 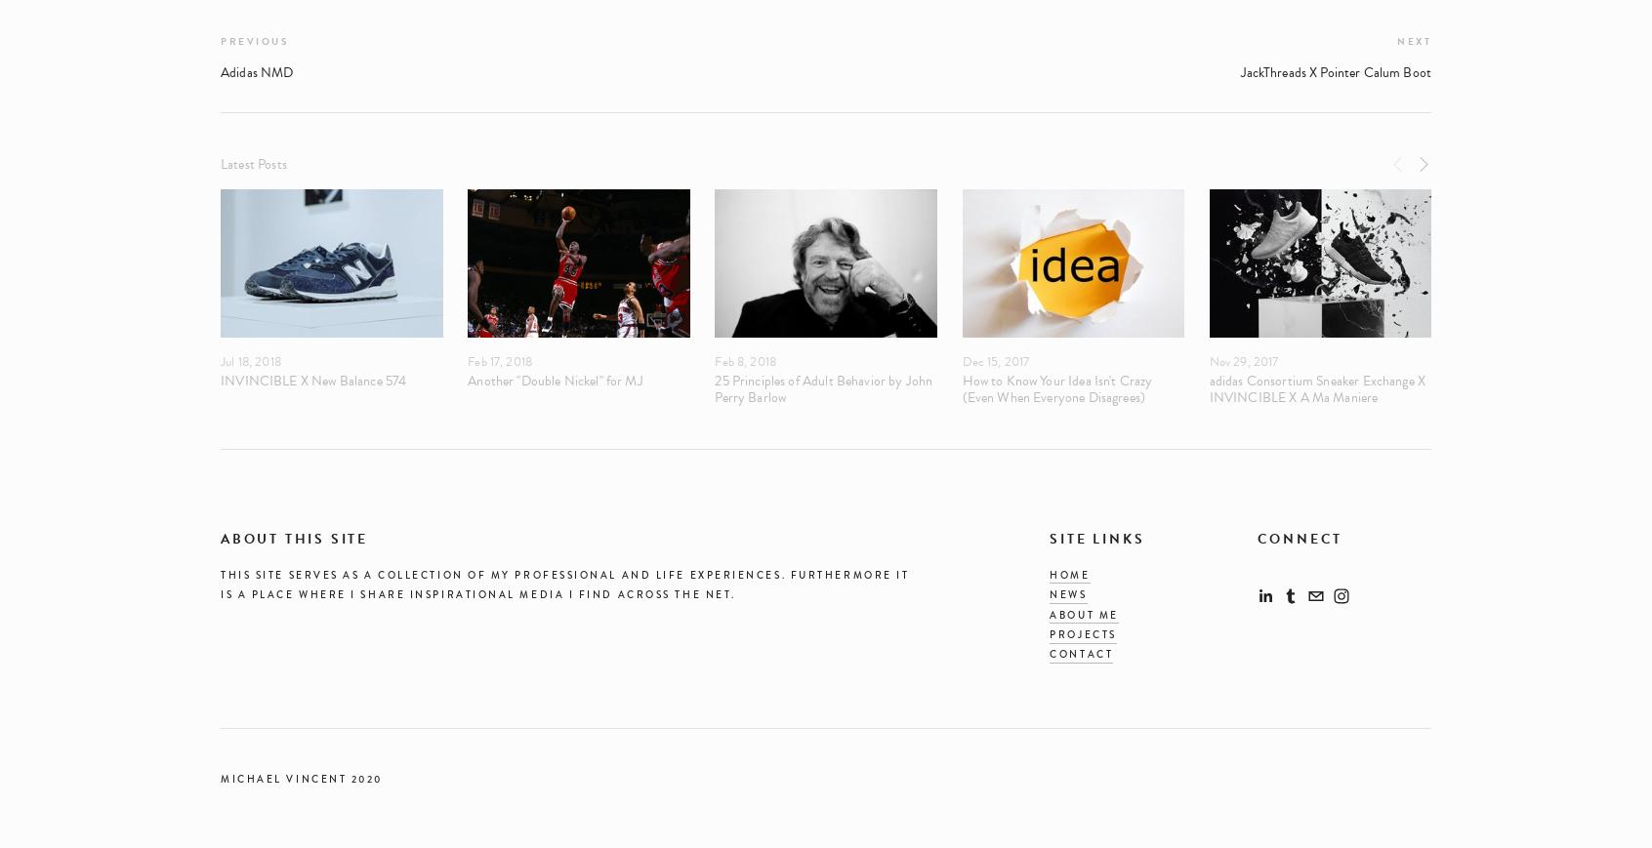 What do you see at coordinates (1083, 614) in the screenshot?
I see `'about me'` at bounding box center [1083, 614].